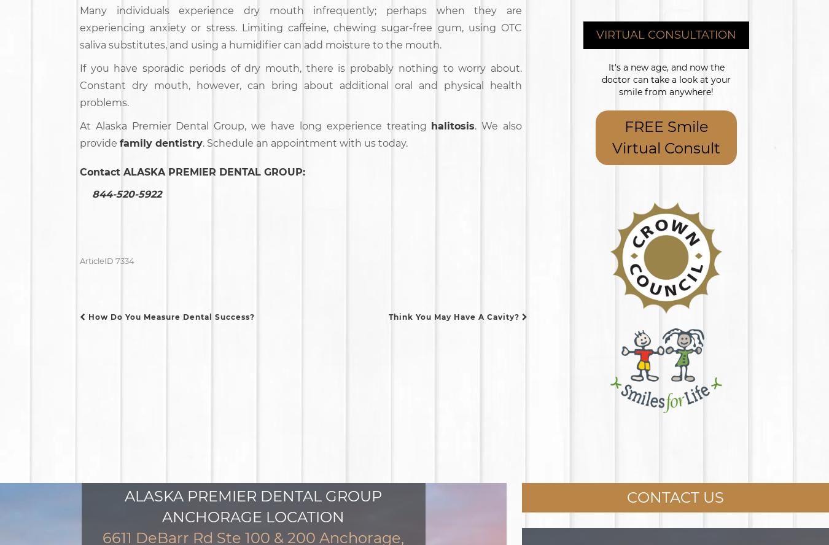 The width and height of the screenshot is (829, 545). I want to click on 'How Do You Measure Dental Success?', so click(85, 315).